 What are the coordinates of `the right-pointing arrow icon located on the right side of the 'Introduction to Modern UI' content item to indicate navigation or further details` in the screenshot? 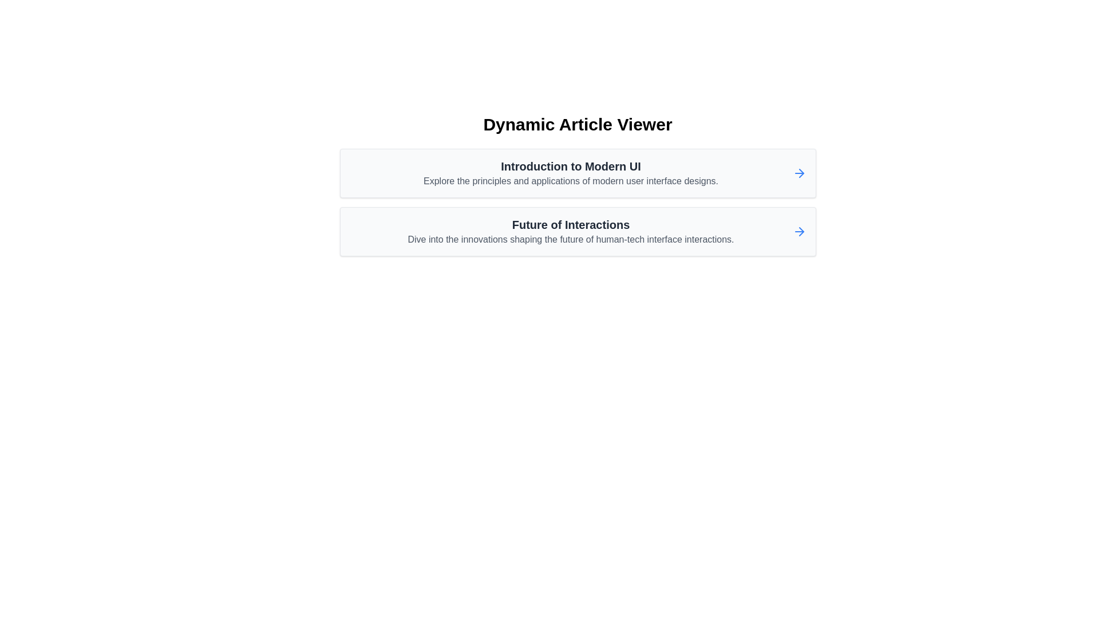 It's located at (801, 173).